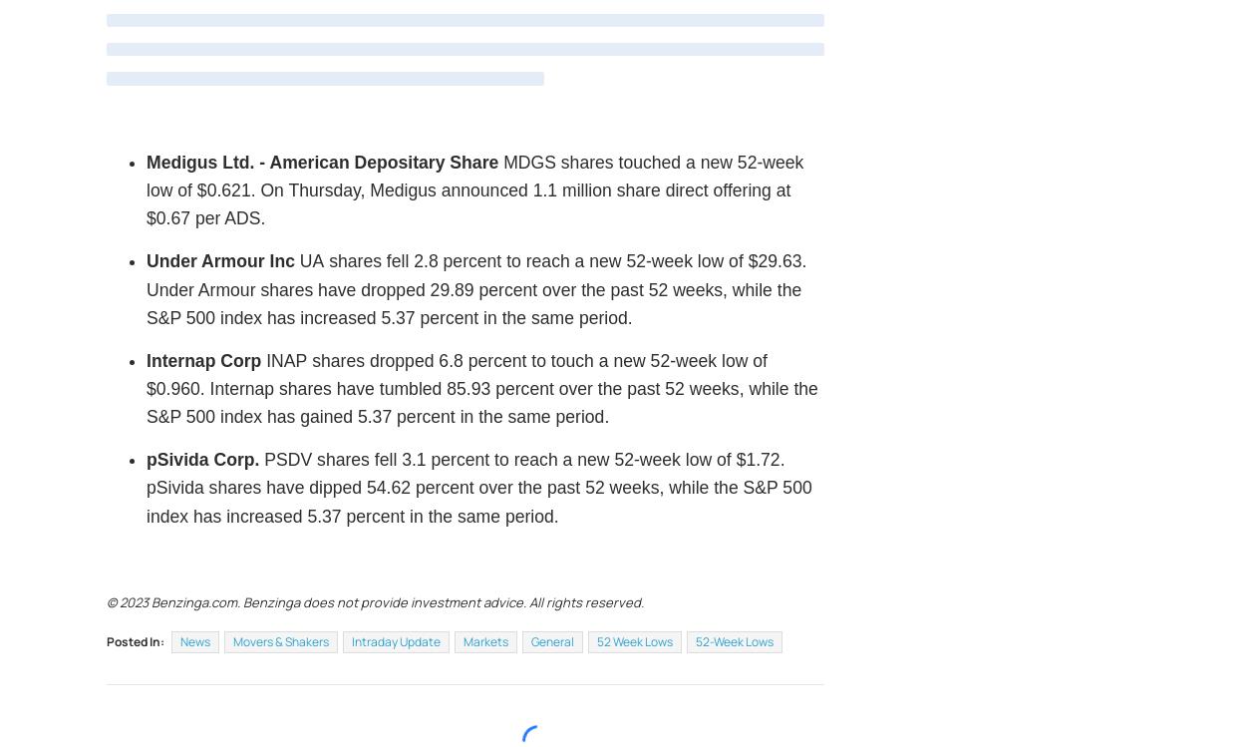 This screenshot has width=1246, height=747. What do you see at coordinates (529, 161) in the screenshot?
I see `'MDGS'` at bounding box center [529, 161].